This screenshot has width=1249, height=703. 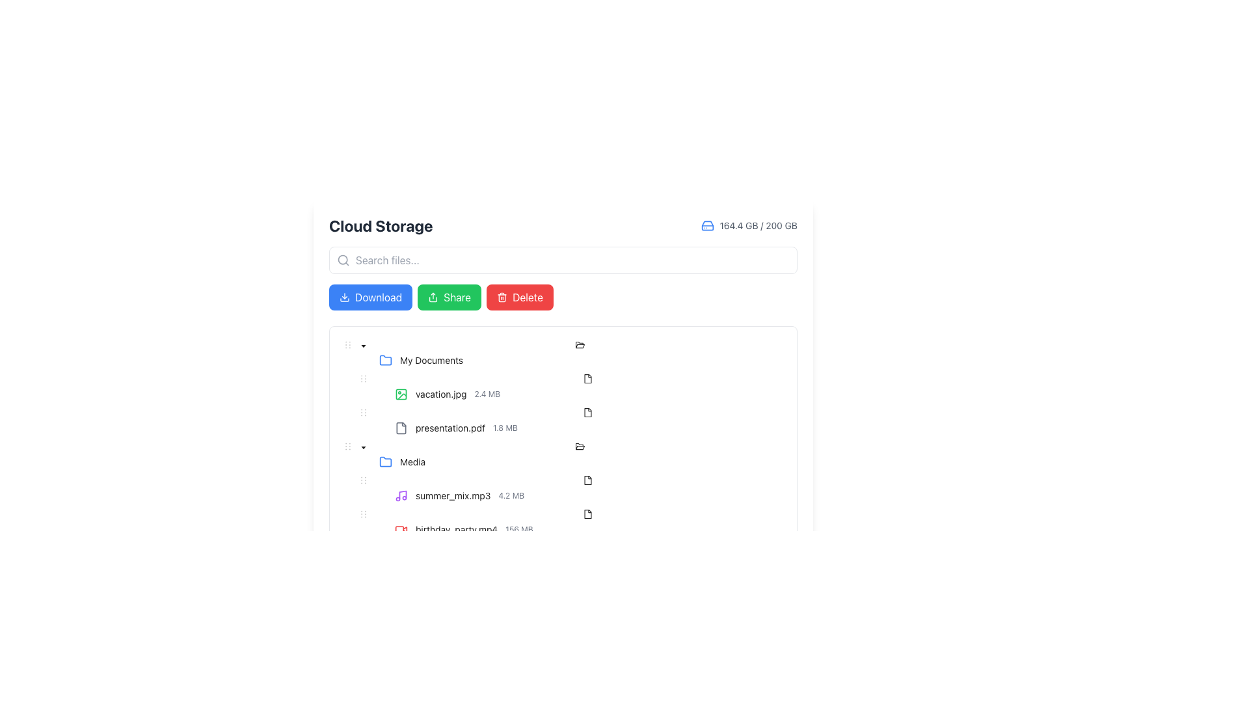 What do you see at coordinates (587, 378) in the screenshot?
I see `the file icon represented by an outlined document with a folded corner, located to the right of the file name in the Media directory` at bounding box center [587, 378].